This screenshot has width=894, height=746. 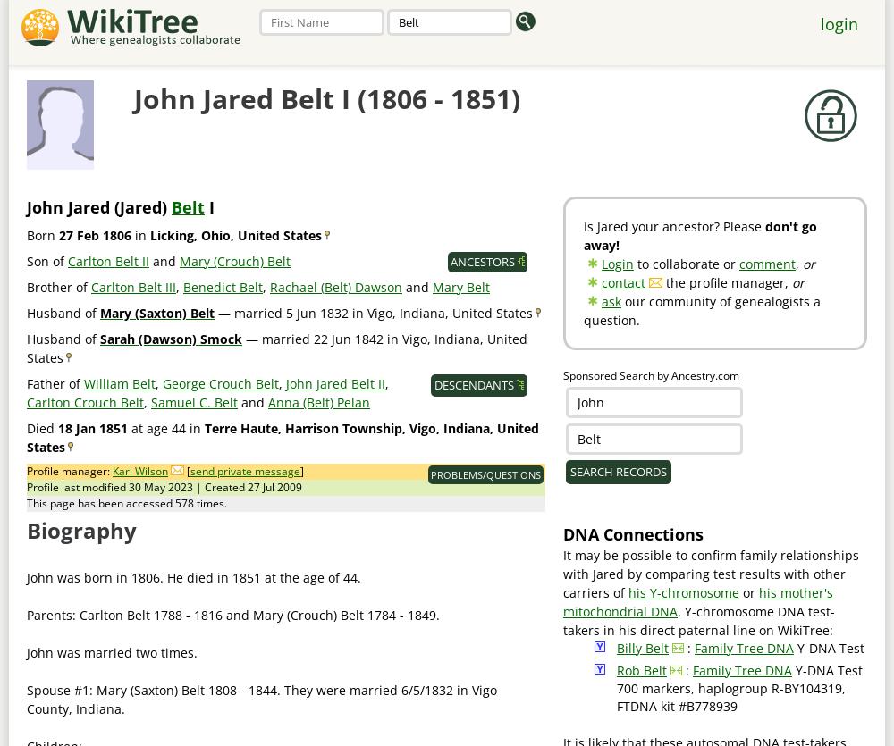 What do you see at coordinates (374, 313) in the screenshot?
I see `'— married
5 Jun 1832 in Vigo, Indiana, United States'` at bounding box center [374, 313].